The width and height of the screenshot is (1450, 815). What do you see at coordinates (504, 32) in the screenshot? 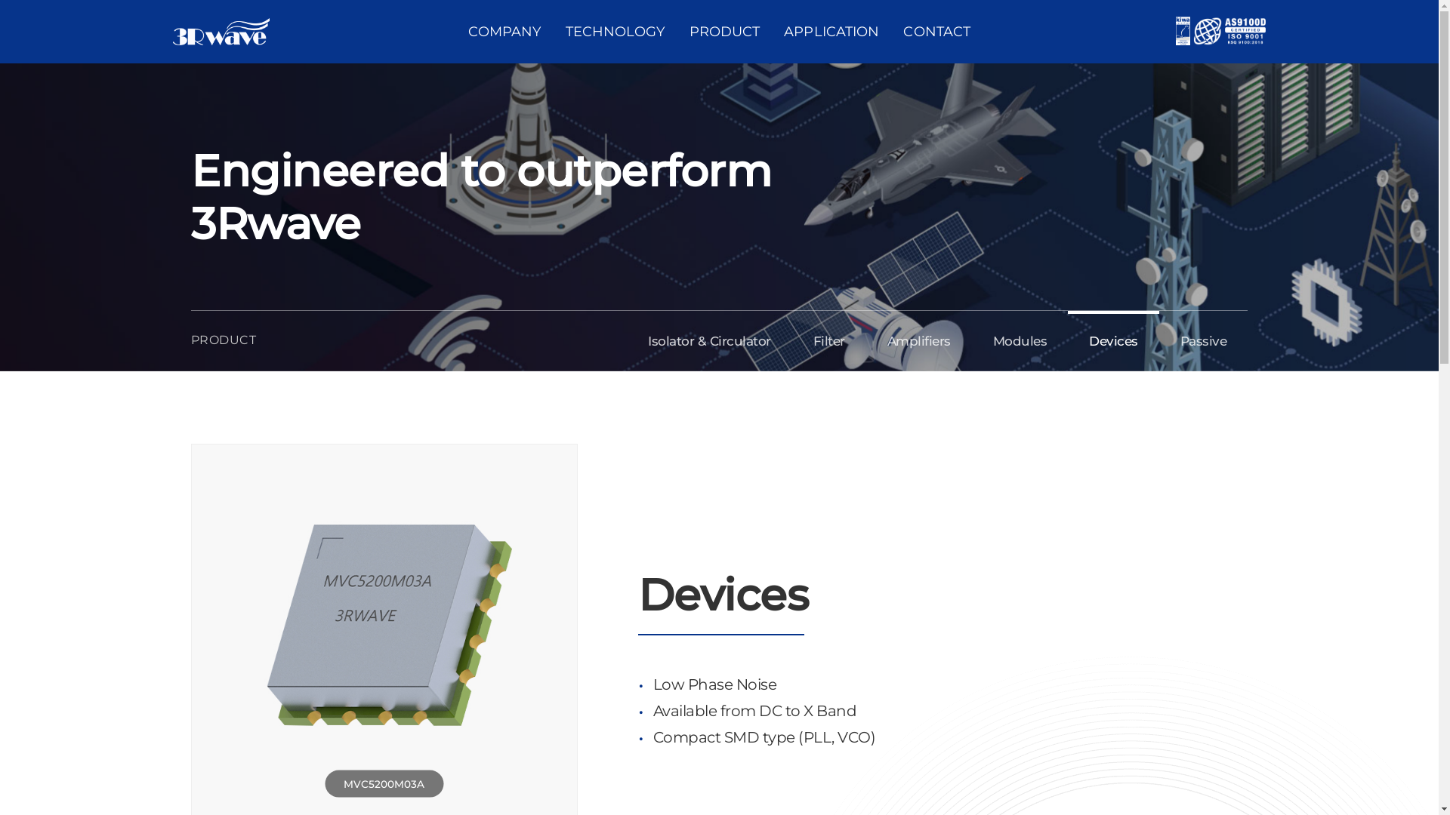
I see `'COMPANY'` at bounding box center [504, 32].